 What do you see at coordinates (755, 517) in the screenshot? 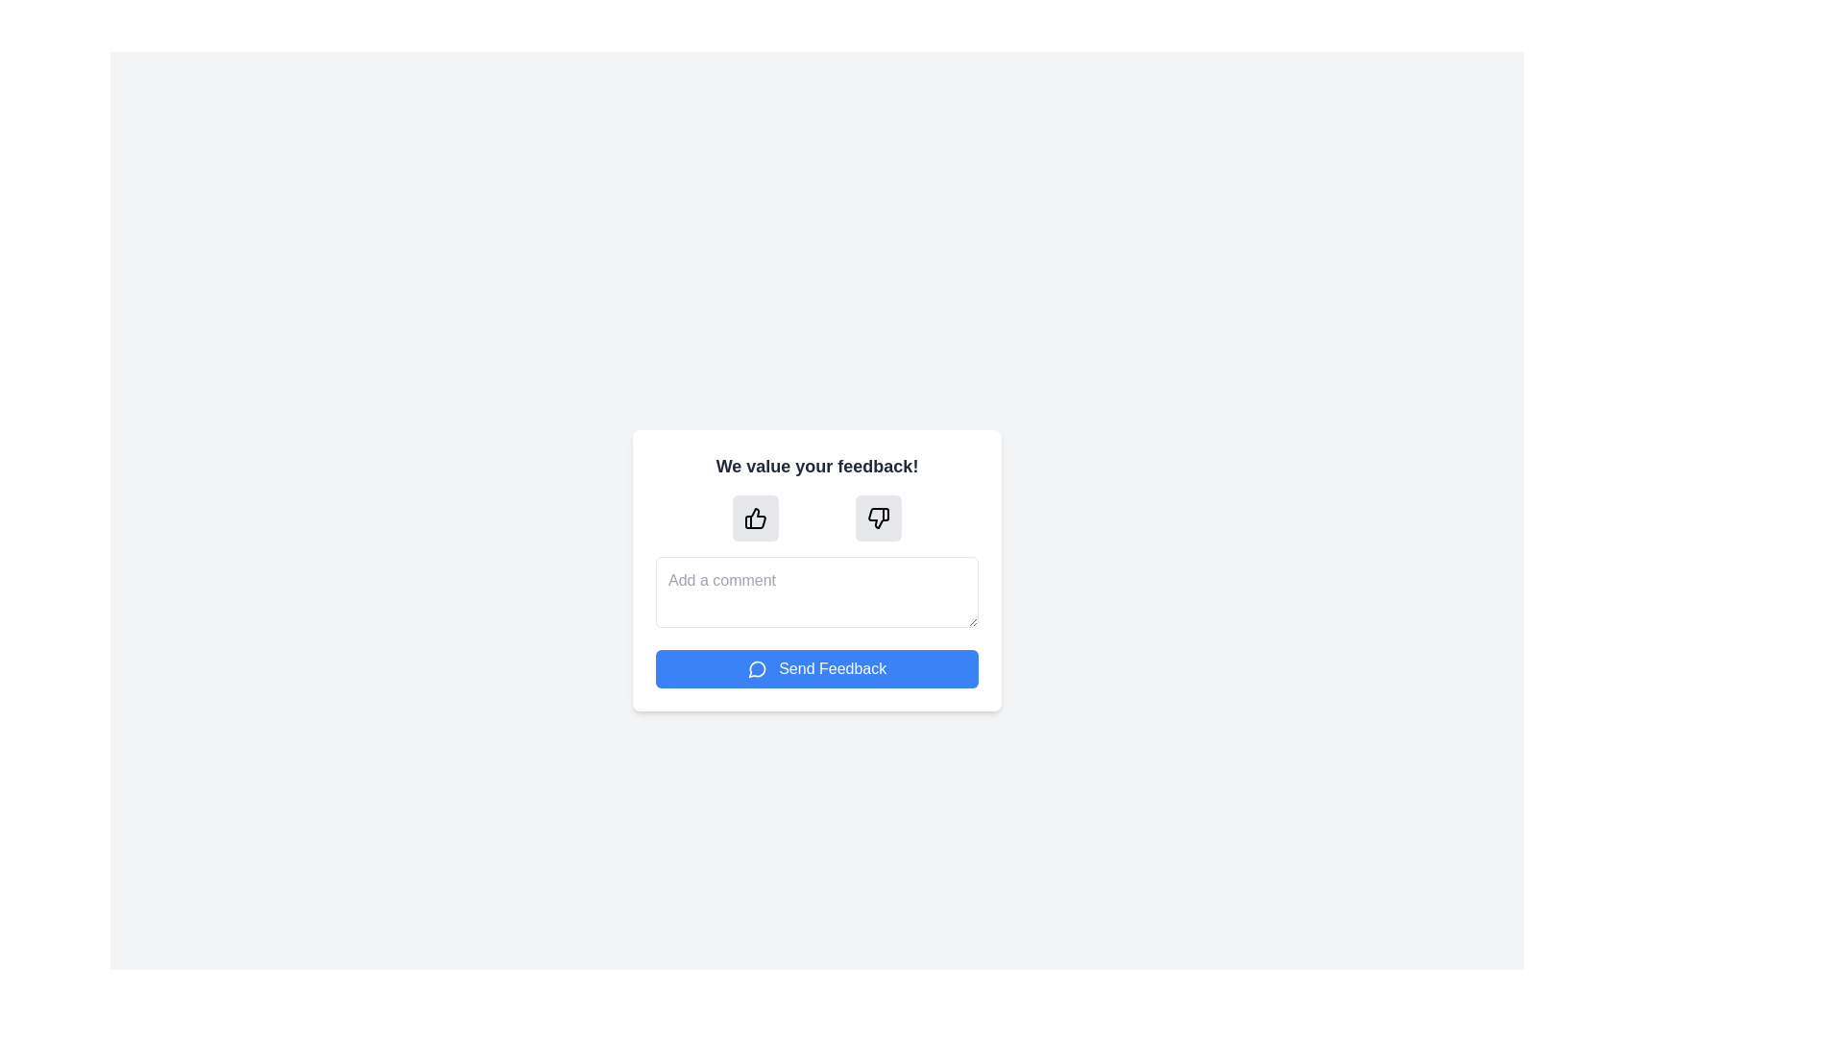
I see `the thumbs-up icon in the feedback panel, which is a vector graphic depicting a thumbs-up gesture, located to the left of the thumbs-down icon and above the comment input box` at bounding box center [755, 517].